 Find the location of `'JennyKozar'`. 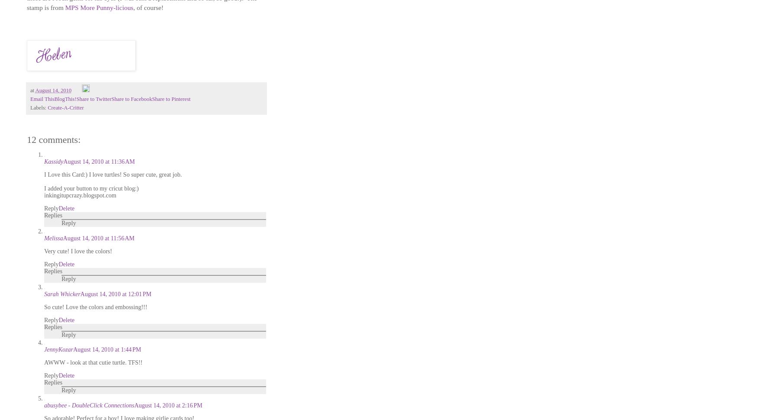

'JennyKozar' is located at coordinates (43, 349).